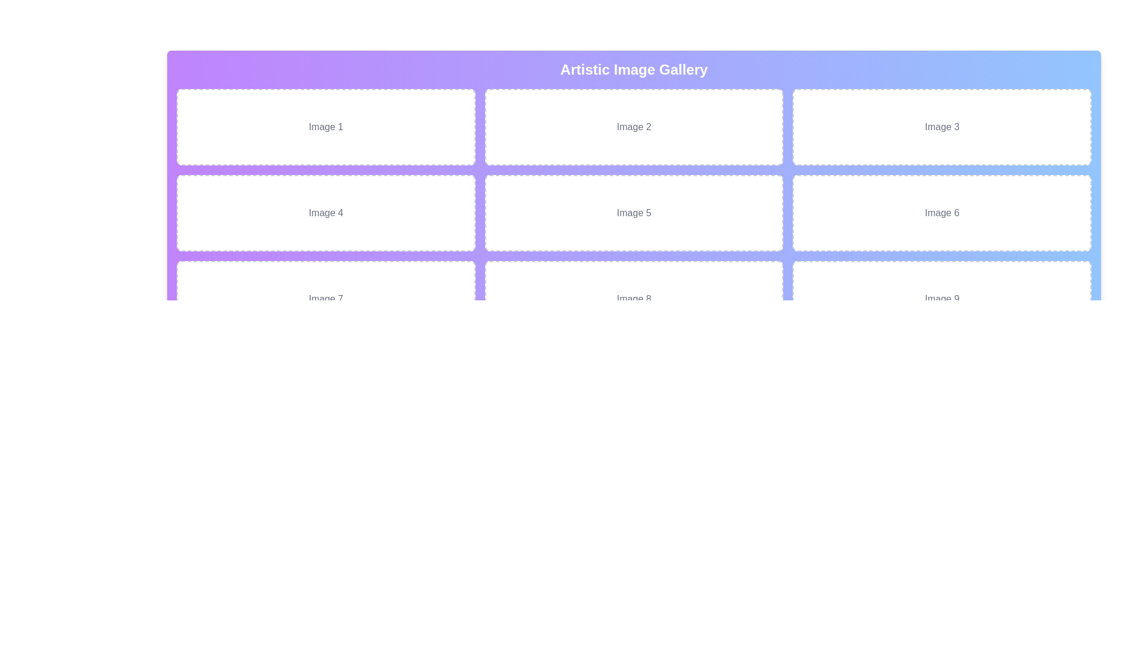 Image resolution: width=1147 pixels, height=645 pixels. Describe the element at coordinates (633, 69) in the screenshot. I see `the static title text at the top center of the gallery section, which indicates the content of the section` at that location.